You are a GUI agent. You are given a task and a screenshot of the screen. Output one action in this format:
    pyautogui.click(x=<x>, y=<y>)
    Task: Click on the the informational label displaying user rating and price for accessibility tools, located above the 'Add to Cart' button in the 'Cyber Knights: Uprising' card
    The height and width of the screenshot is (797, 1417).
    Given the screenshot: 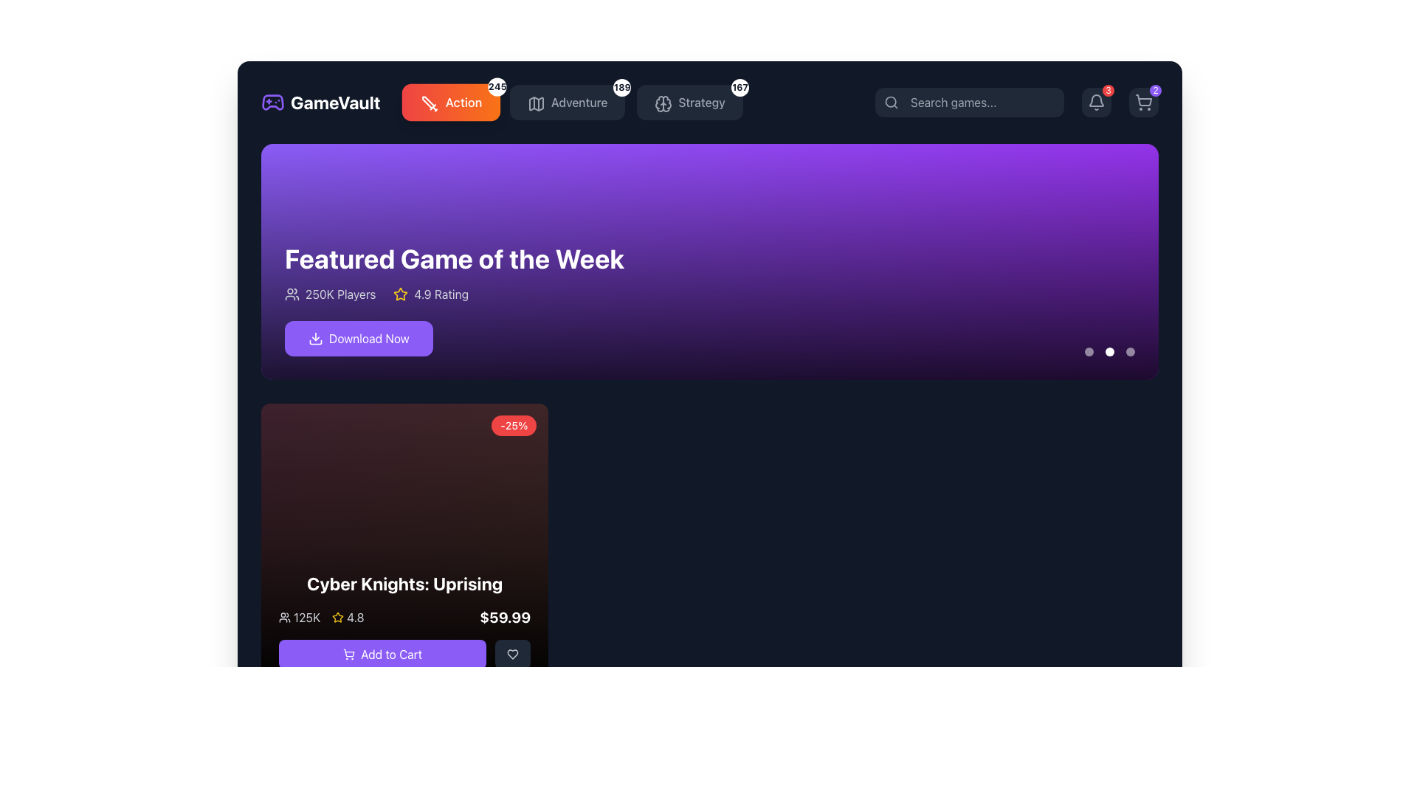 What is the action you would take?
    pyautogui.click(x=404, y=618)
    